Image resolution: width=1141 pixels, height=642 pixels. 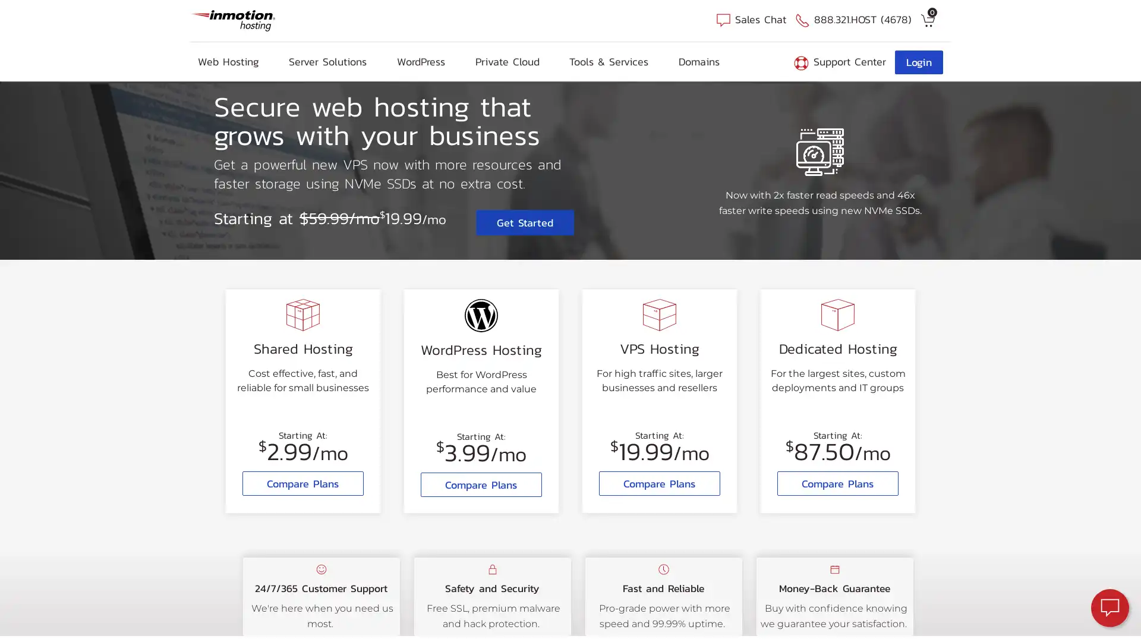 I want to click on Compare Plans, so click(x=658, y=483).